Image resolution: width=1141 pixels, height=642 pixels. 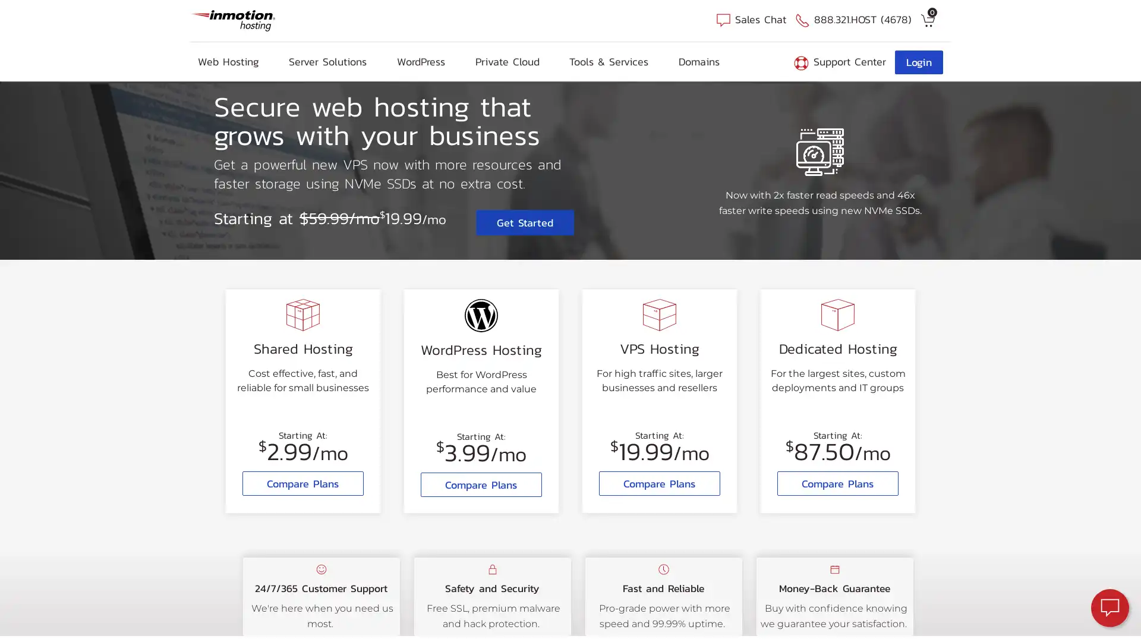 I want to click on Compare Plans, so click(x=658, y=483).